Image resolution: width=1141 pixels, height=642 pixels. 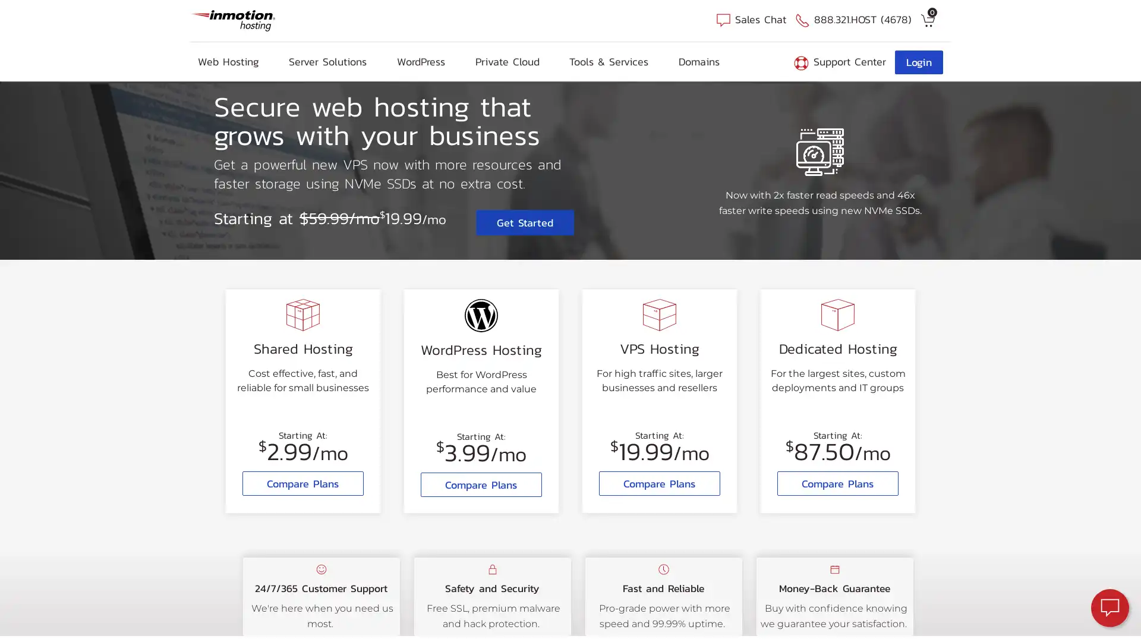 I want to click on Compare Plans, so click(x=658, y=483).